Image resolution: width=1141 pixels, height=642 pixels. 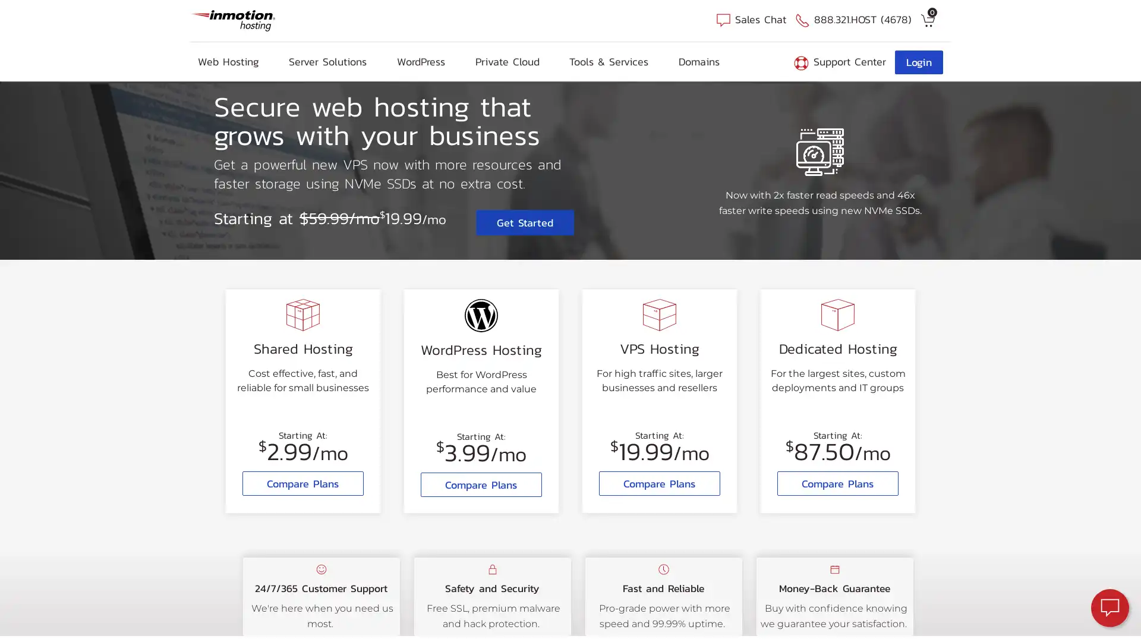 I want to click on Compare Plans, so click(x=658, y=483).